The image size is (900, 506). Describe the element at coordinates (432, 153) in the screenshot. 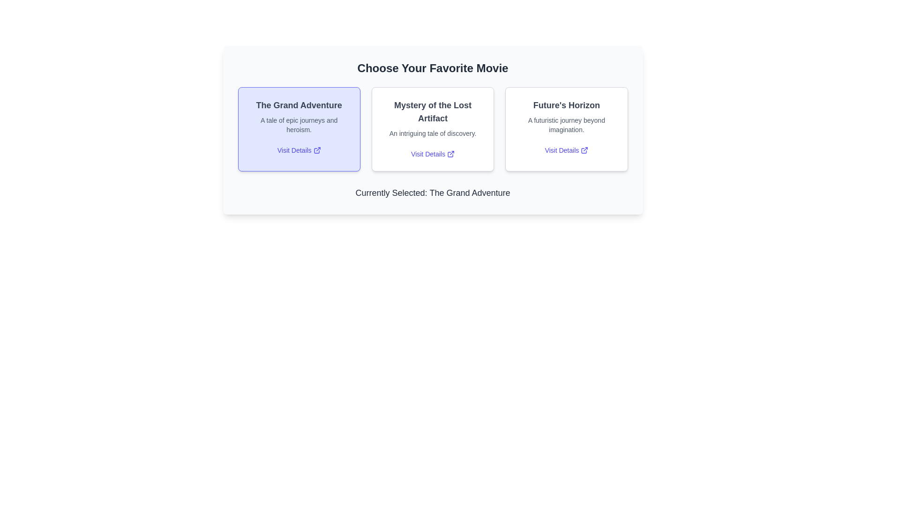

I see `the 'Visit Details' hyperlink, which is styled with indigo-colored text and includes an external link icon` at that location.